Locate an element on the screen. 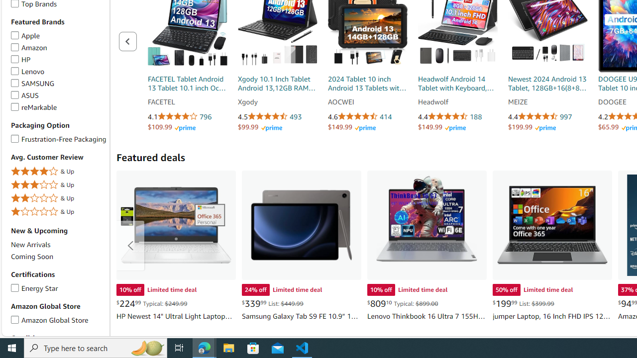 This screenshot has width=637, height=358. 'reMarkablereMarkable' is located at coordinates (58, 107).